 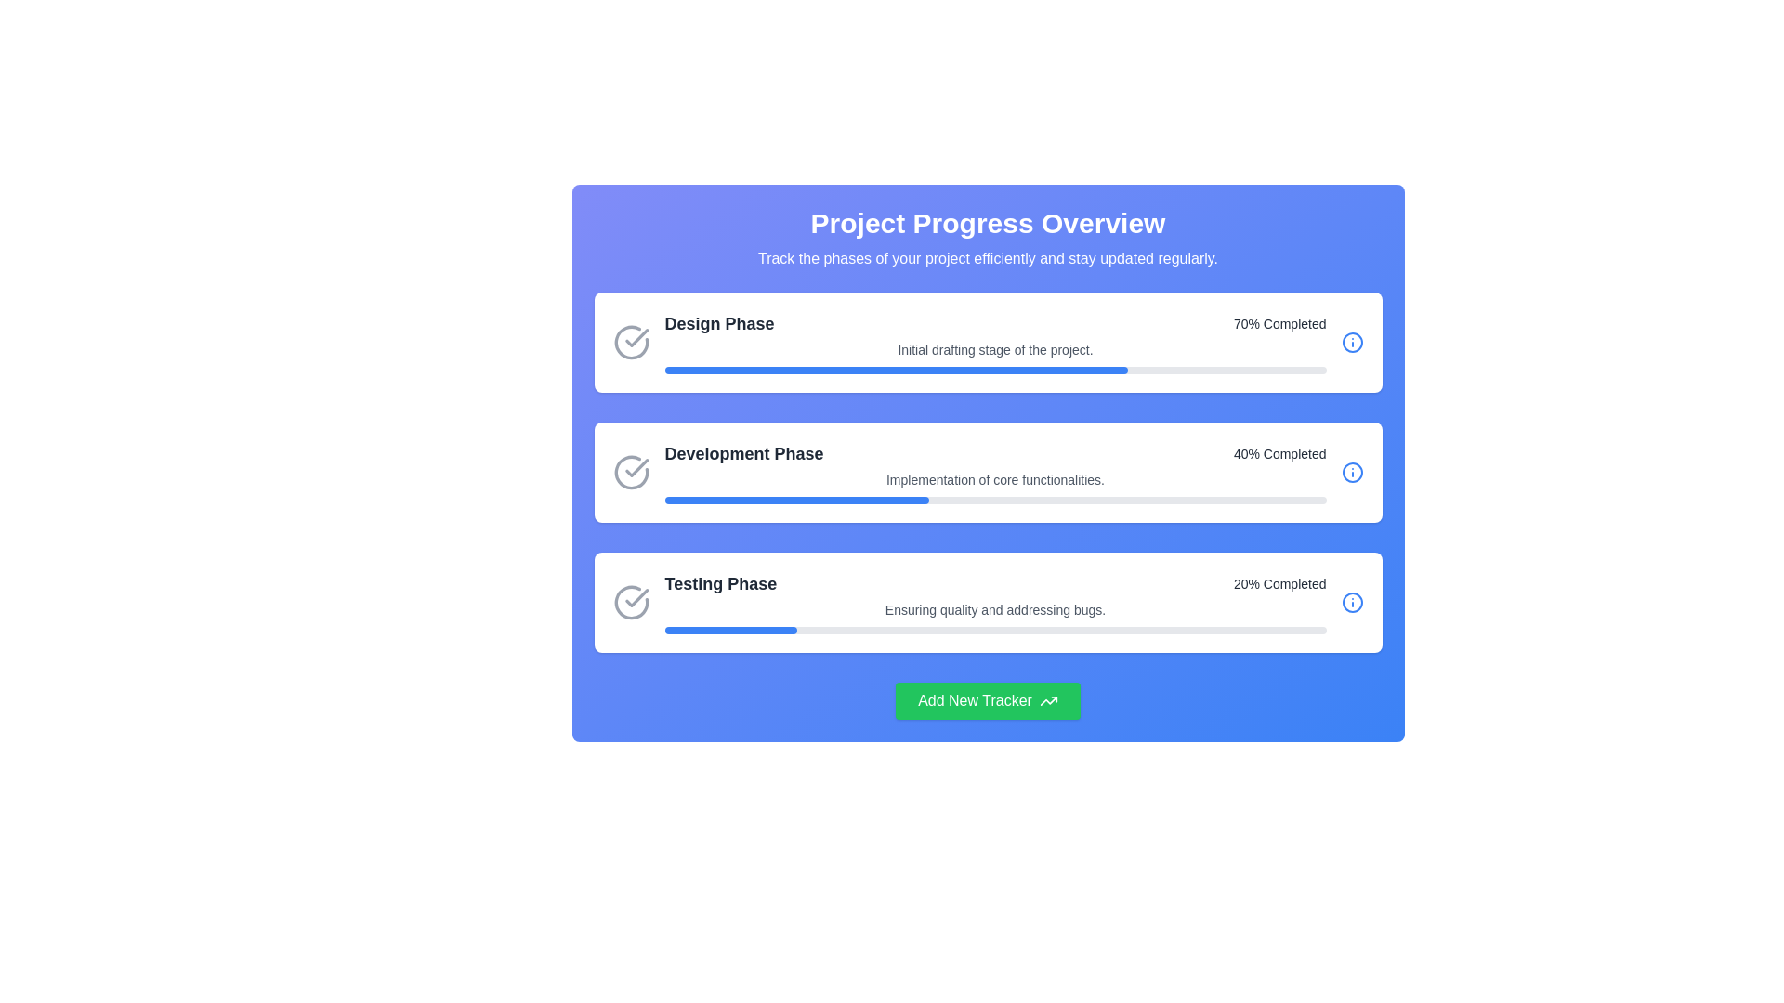 What do you see at coordinates (719, 582) in the screenshot?
I see `text label that says 'Testing Phase' located on the left side of the Testing Phase card, which is the third card in a vertical series of project phase cards` at bounding box center [719, 582].